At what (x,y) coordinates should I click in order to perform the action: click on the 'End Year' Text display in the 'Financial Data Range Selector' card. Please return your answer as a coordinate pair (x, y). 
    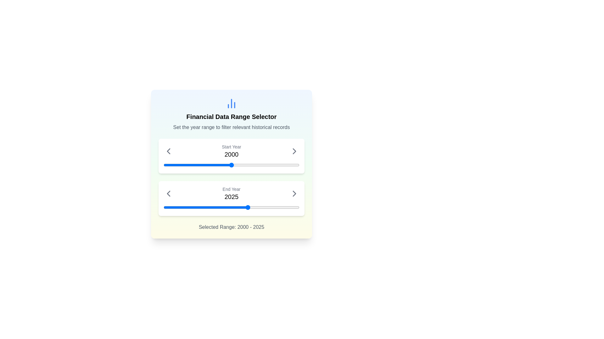
    Looking at the image, I should click on (231, 193).